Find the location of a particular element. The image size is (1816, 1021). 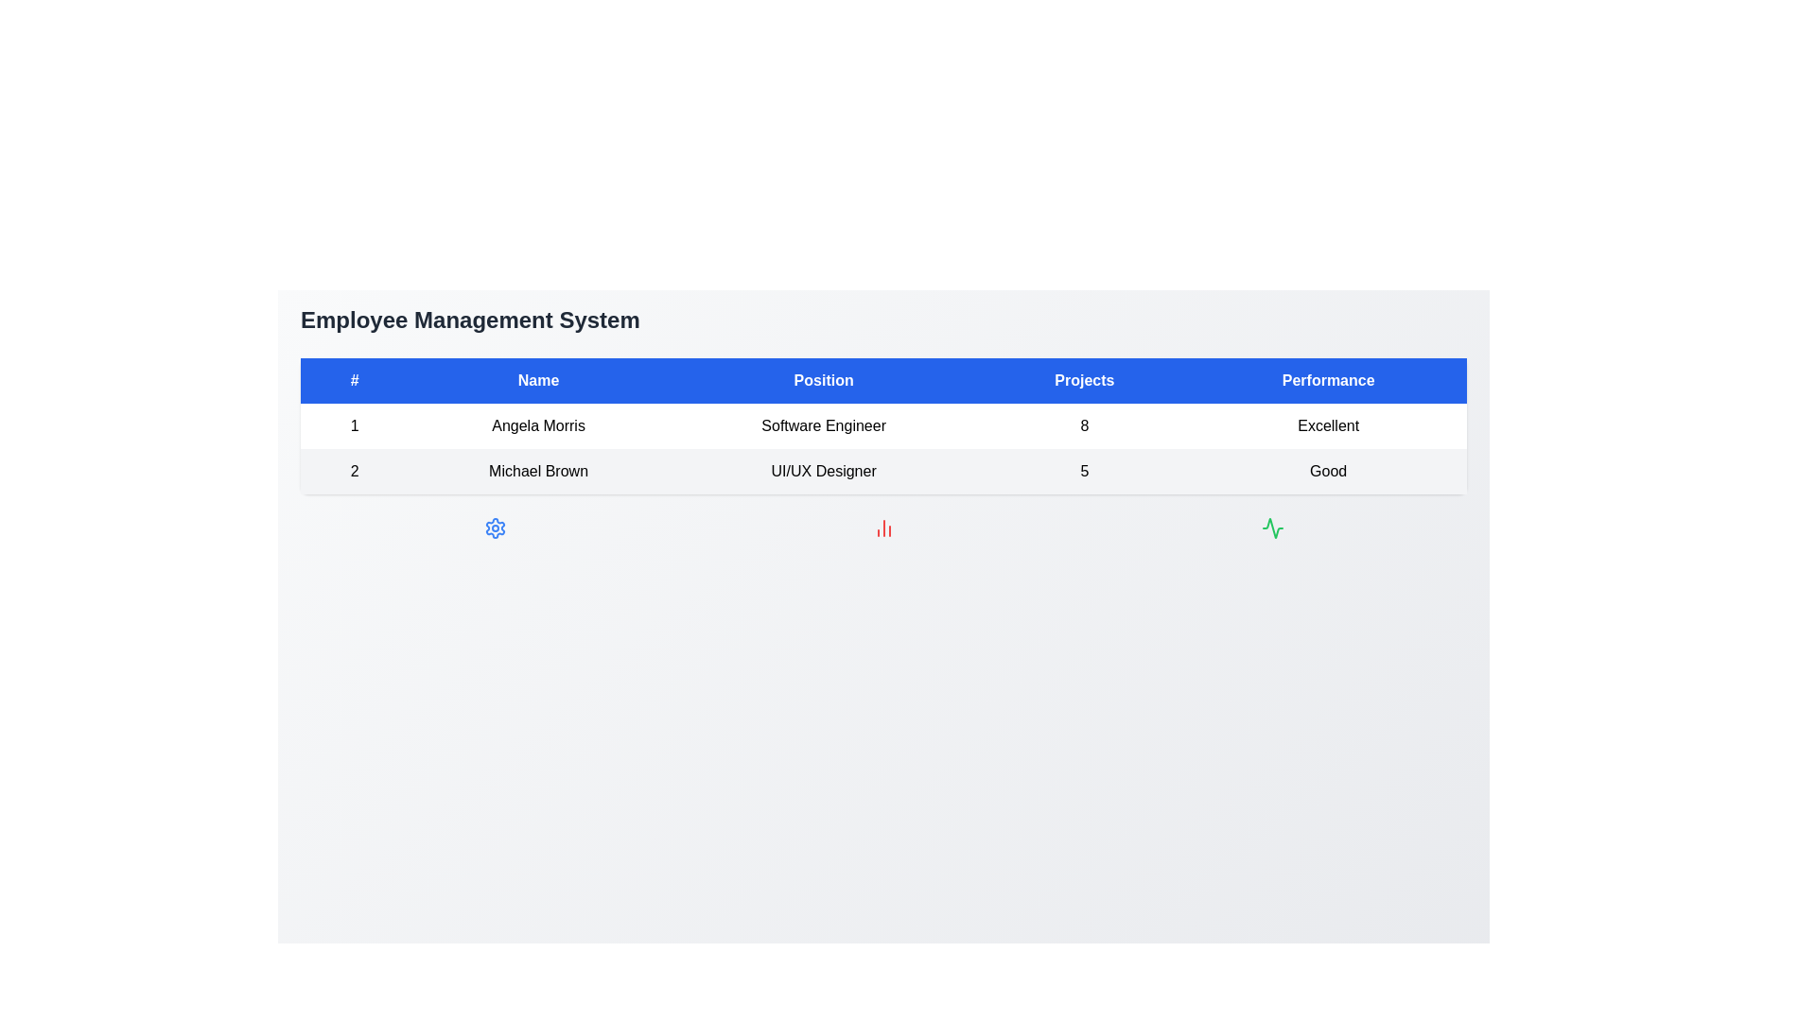

the text field displaying the number '1', which is located in the leftmost column of a row in a table interface under the column labeled with the pound '#' sign is located at coordinates (355, 426).